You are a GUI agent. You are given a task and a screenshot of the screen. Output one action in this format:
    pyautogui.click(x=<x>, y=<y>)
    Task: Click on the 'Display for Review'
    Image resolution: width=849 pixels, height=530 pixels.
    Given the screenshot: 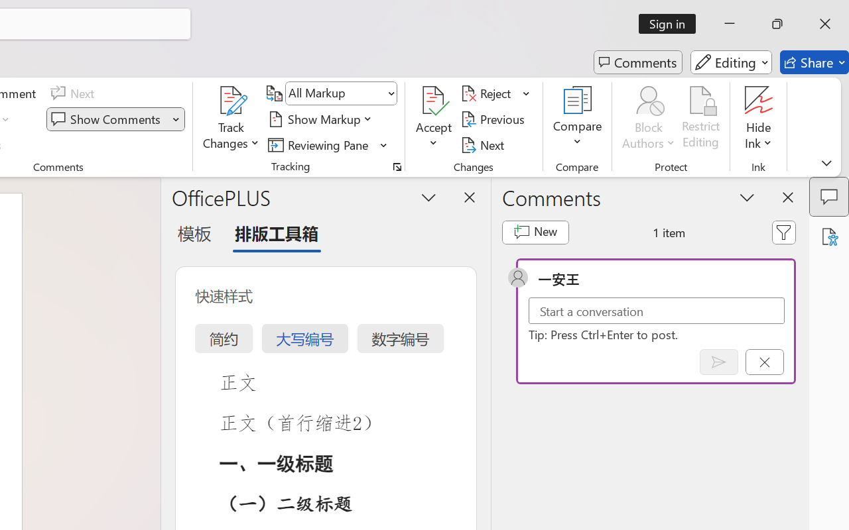 What is the action you would take?
    pyautogui.click(x=341, y=93)
    